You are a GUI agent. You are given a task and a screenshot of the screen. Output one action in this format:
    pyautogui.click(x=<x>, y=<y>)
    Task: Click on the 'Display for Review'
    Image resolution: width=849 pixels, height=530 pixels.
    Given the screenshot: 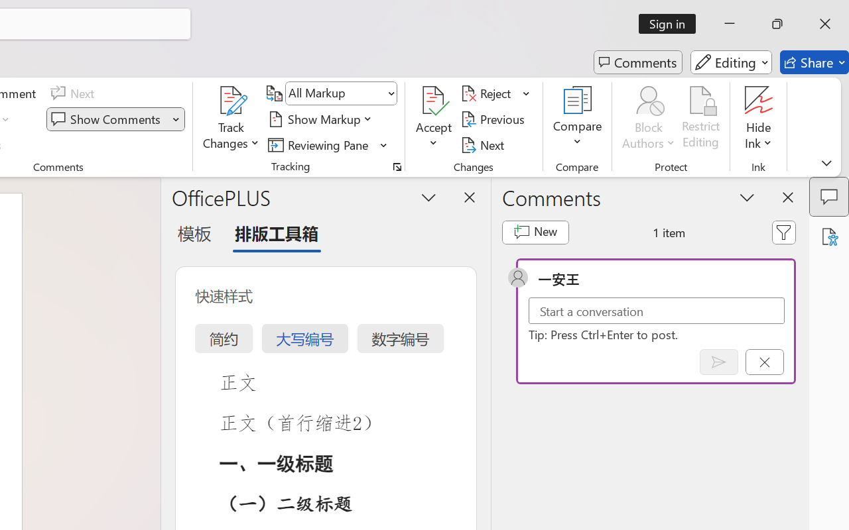 What is the action you would take?
    pyautogui.click(x=341, y=93)
    